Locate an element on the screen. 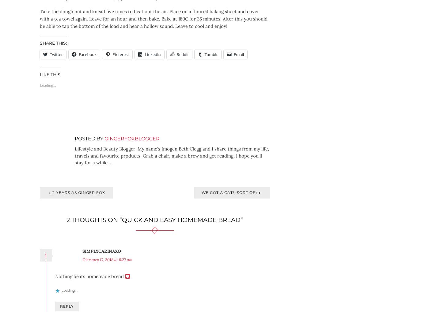  '2 thoughts on “' is located at coordinates (66, 219).